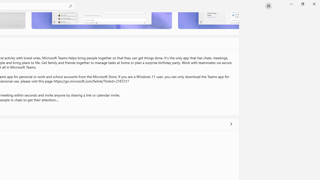 Image resolution: width=320 pixels, height=180 pixels. I want to click on 'Minimize Microsoft Store', so click(291, 4).